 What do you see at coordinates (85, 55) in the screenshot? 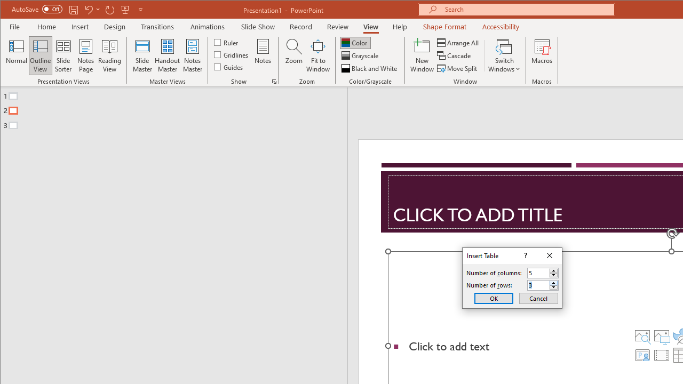
I see `'Notes Page'` at bounding box center [85, 55].